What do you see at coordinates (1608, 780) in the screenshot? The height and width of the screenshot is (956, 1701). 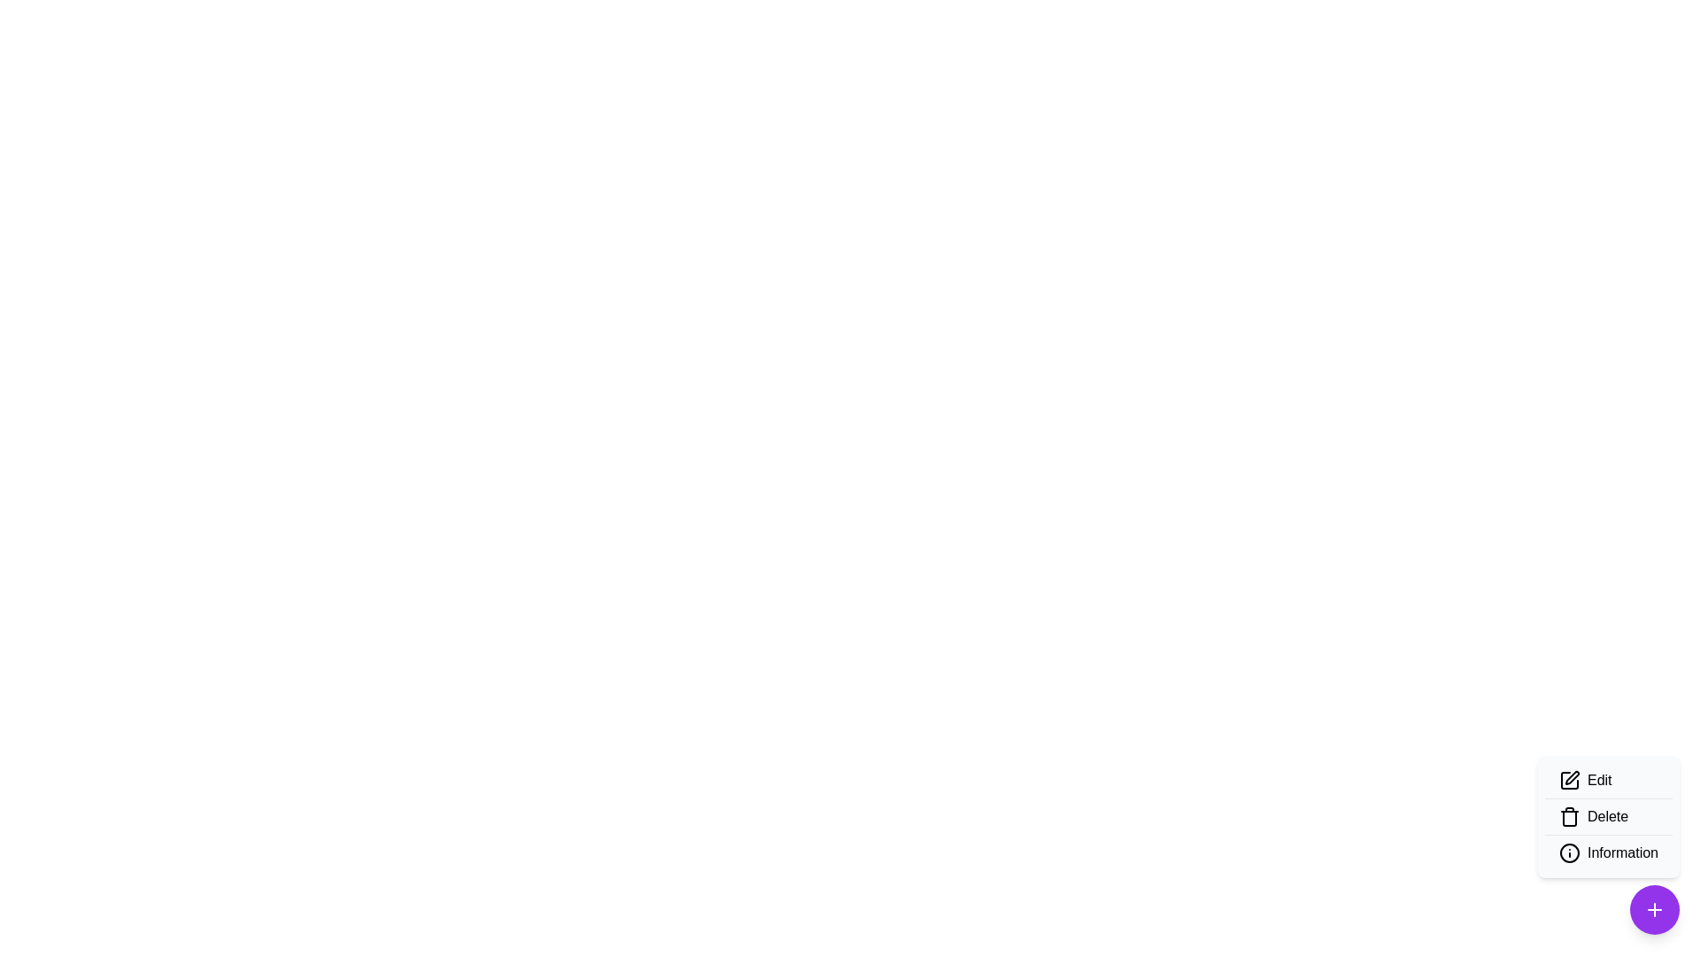 I see `the 'Edit' menu item, which is the first item in a vertical menu with a pencil icon on the left and bold text on the right, located in the bottom-right corner of the interface` at bounding box center [1608, 780].